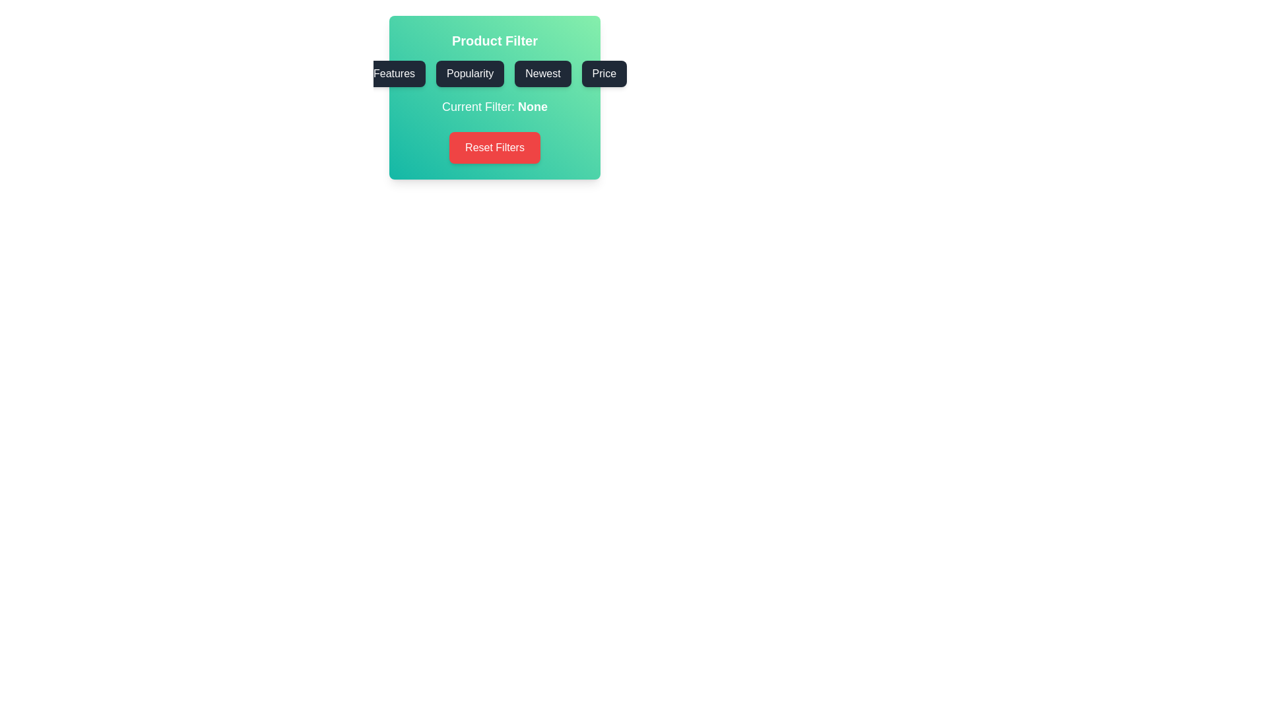 The image size is (1267, 713). Describe the element at coordinates (542, 73) in the screenshot. I see `the Newest button to select the corresponding filter` at that location.